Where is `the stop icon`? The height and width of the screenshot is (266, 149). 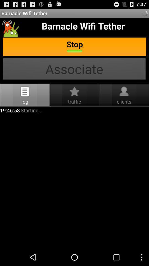 the stop icon is located at coordinates (74, 47).